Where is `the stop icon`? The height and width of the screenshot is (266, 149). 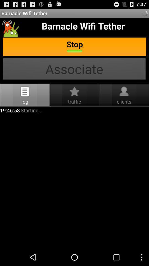 the stop icon is located at coordinates (74, 47).